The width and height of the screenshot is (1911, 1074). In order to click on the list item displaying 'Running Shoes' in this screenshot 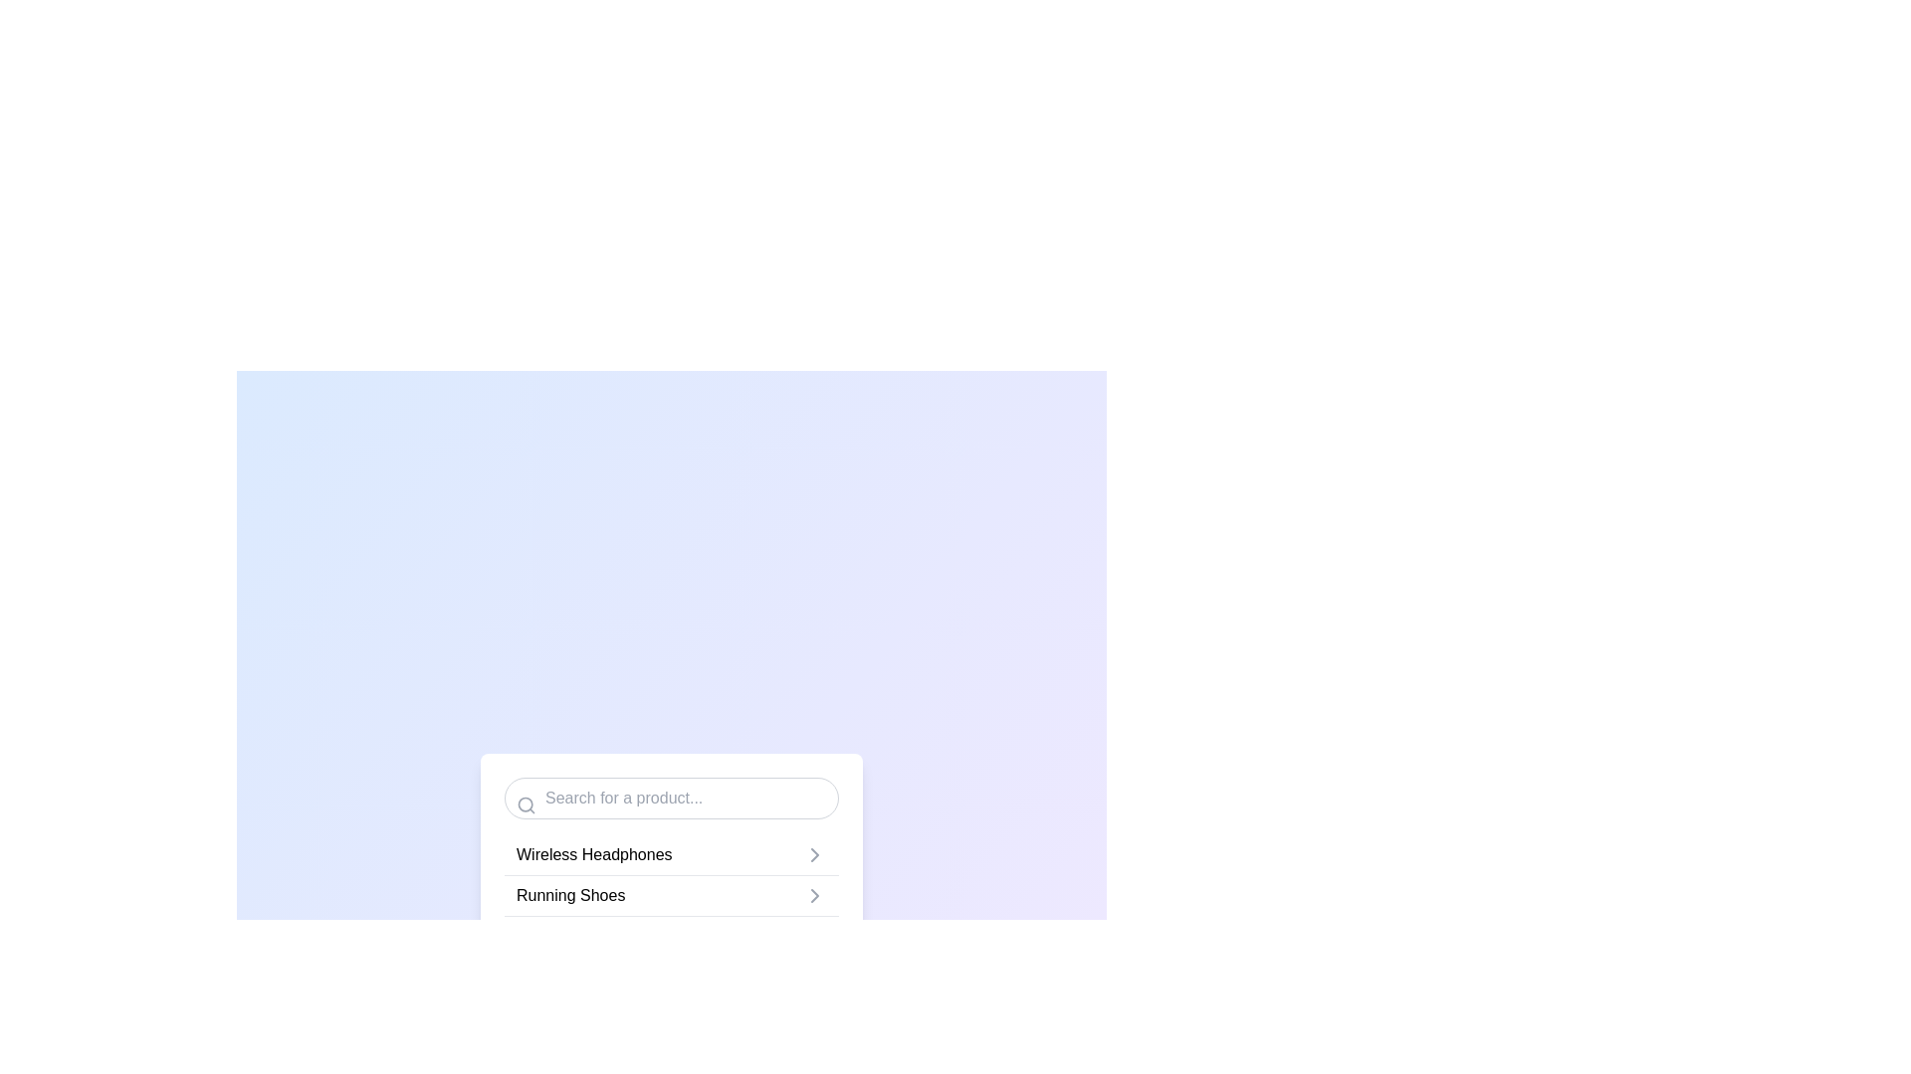, I will do `click(672, 893)`.